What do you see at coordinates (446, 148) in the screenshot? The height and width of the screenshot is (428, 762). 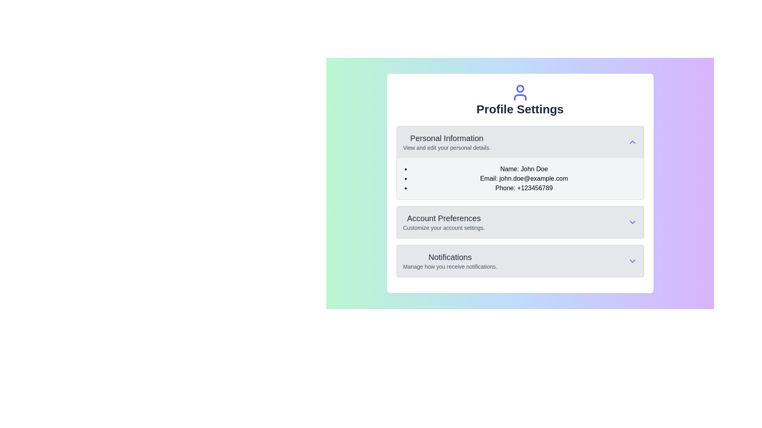 I see `the descriptive instruction text label in the 'Personal Information' section, located below the heading 'Personal Information.'` at bounding box center [446, 148].